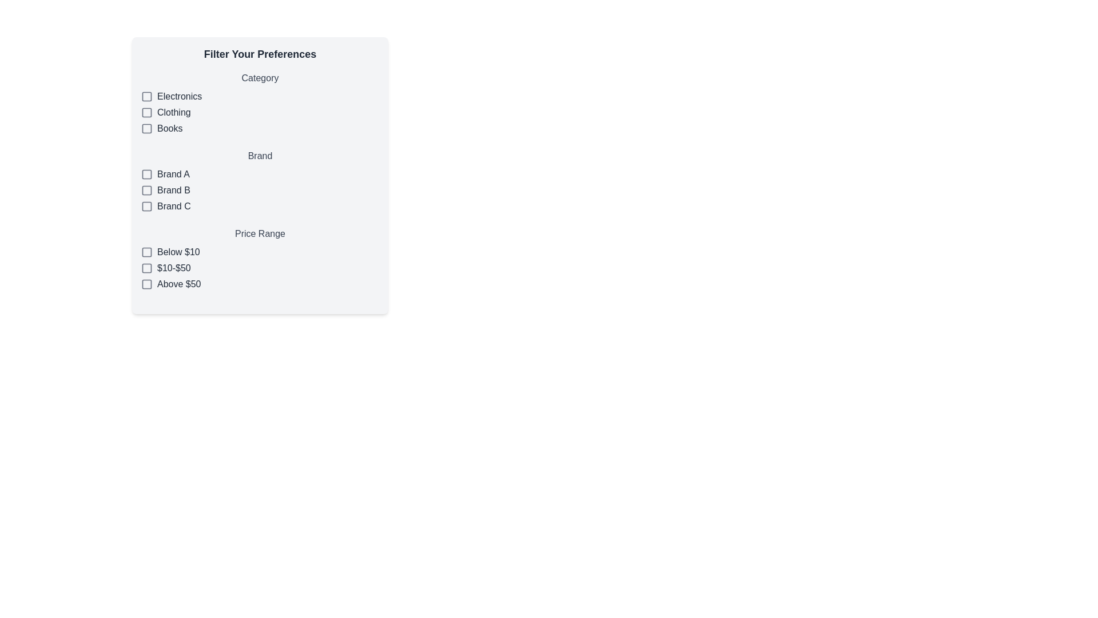 Image resolution: width=1098 pixels, height=618 pixels. What do you see at coordinates (146, 128) in the screenshot?
I see `the checkbox graphic located to the left of the label 'Books' in the 'Filter Your Preferences' panel` at bounding box center [146, 128].